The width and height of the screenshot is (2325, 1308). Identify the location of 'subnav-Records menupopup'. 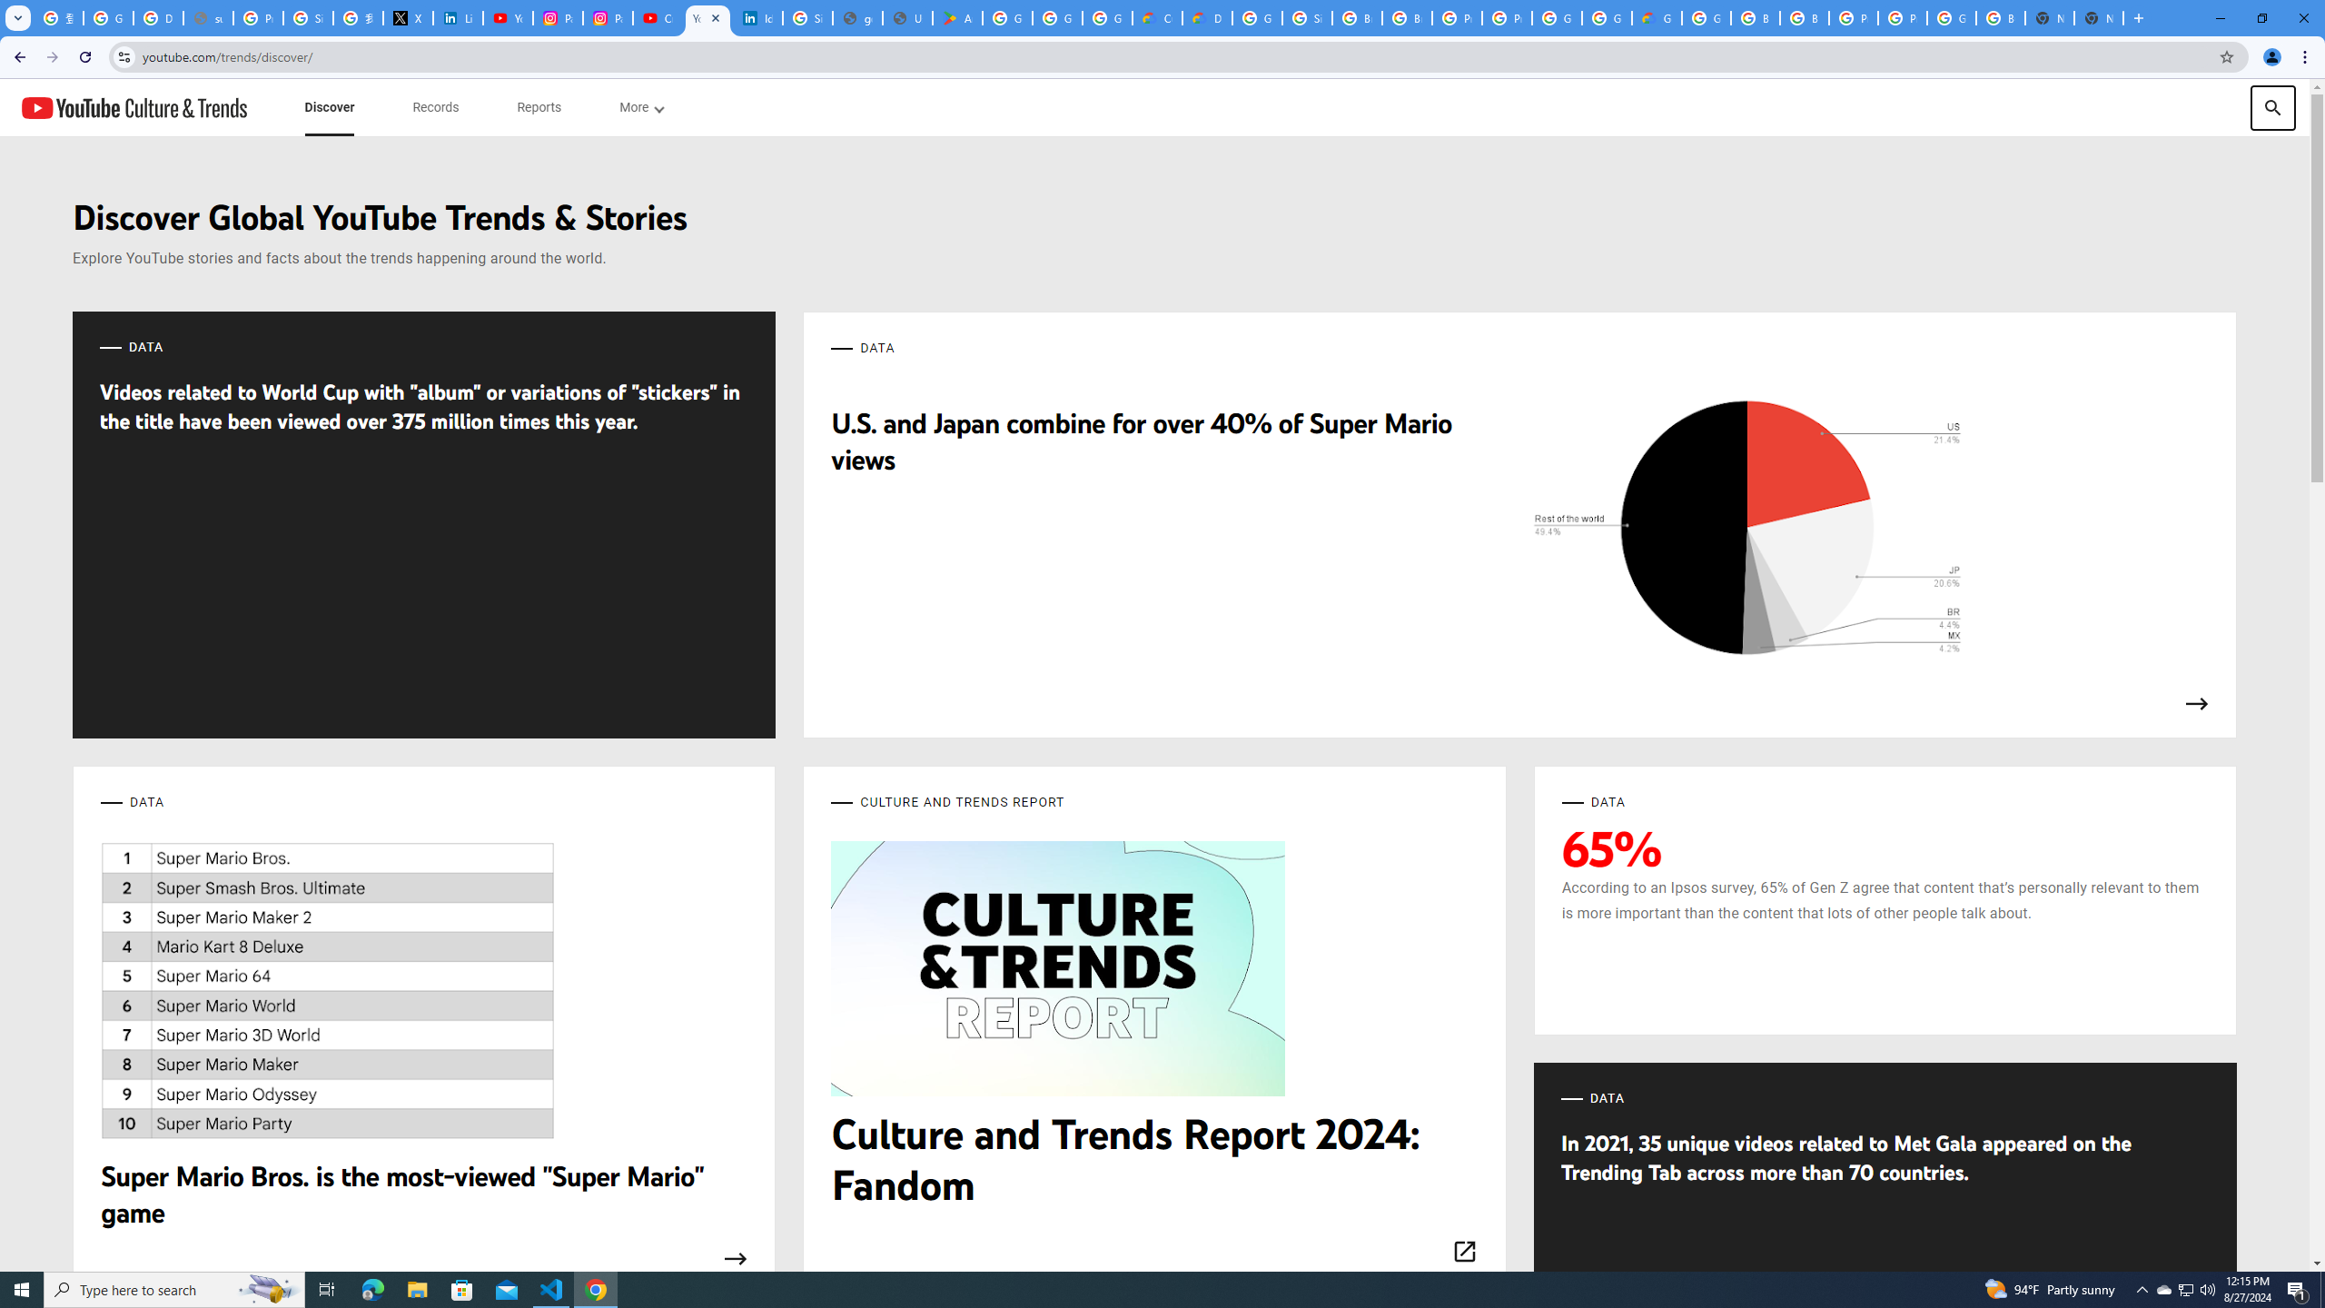
(436, 107).